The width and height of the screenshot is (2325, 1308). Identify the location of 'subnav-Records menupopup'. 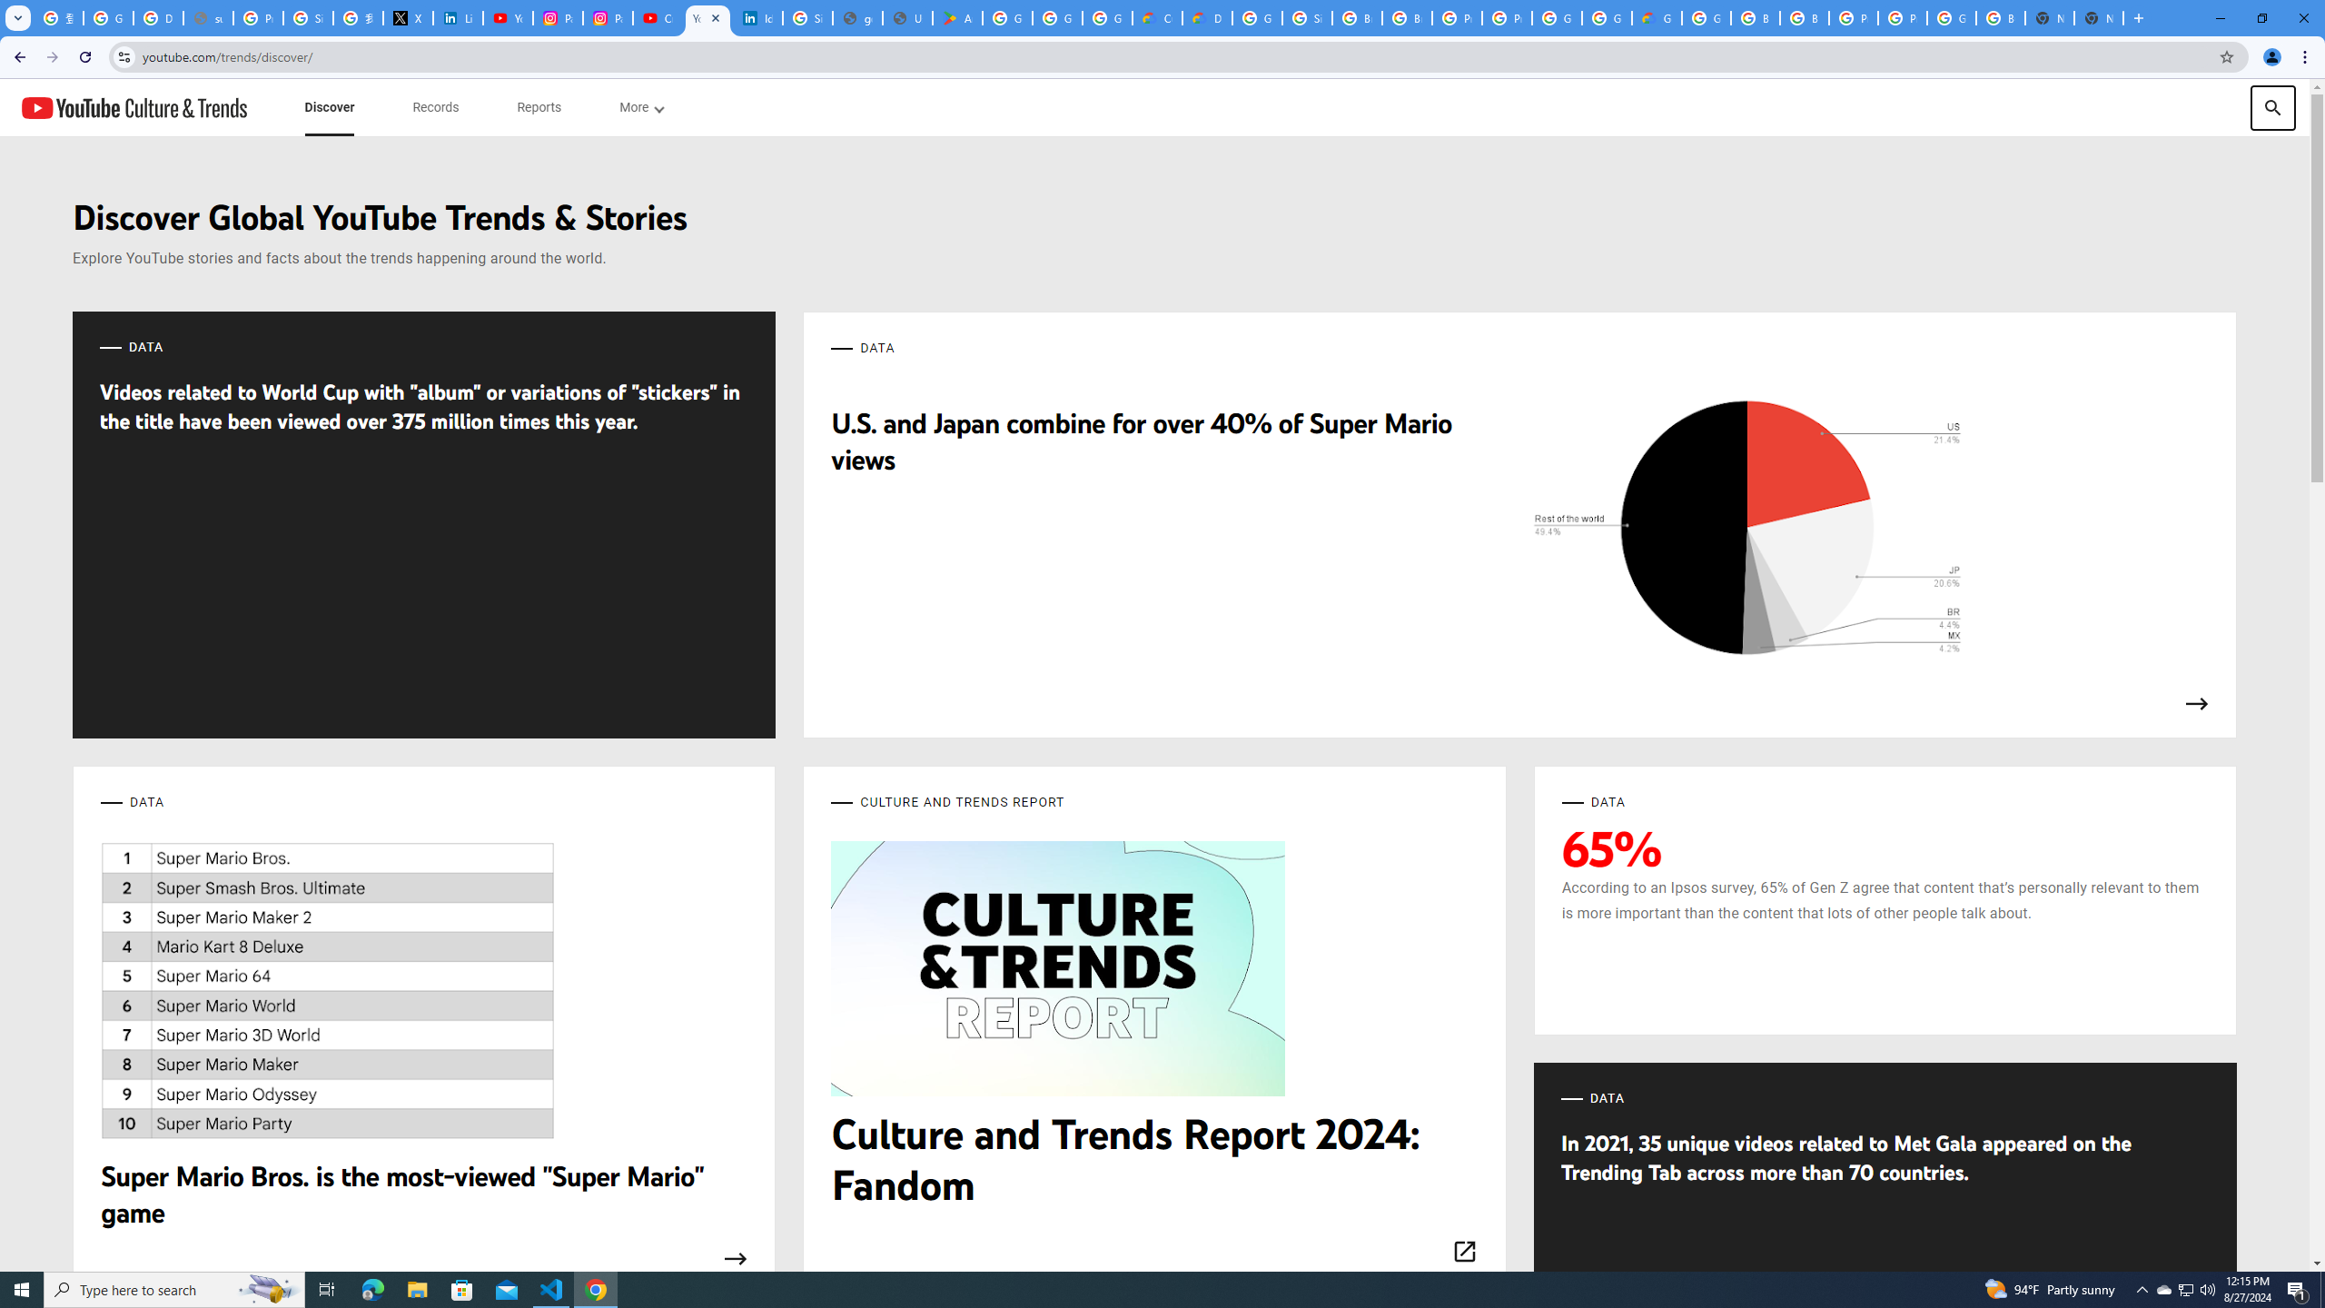
(436, 107).